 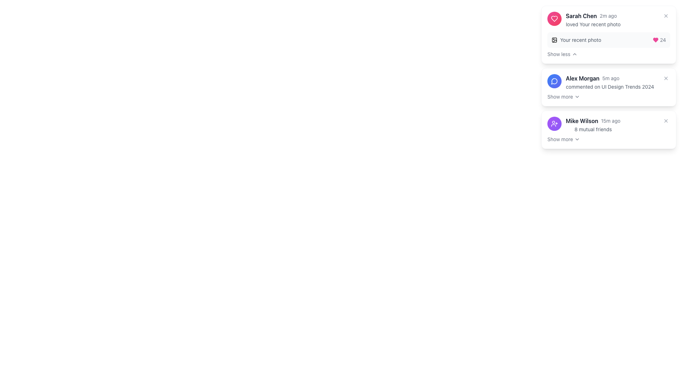 I want to click on the notification from 'Sarah Chen' indicating a photo like, located at the top of the notification list, so click(x=584, y=20).